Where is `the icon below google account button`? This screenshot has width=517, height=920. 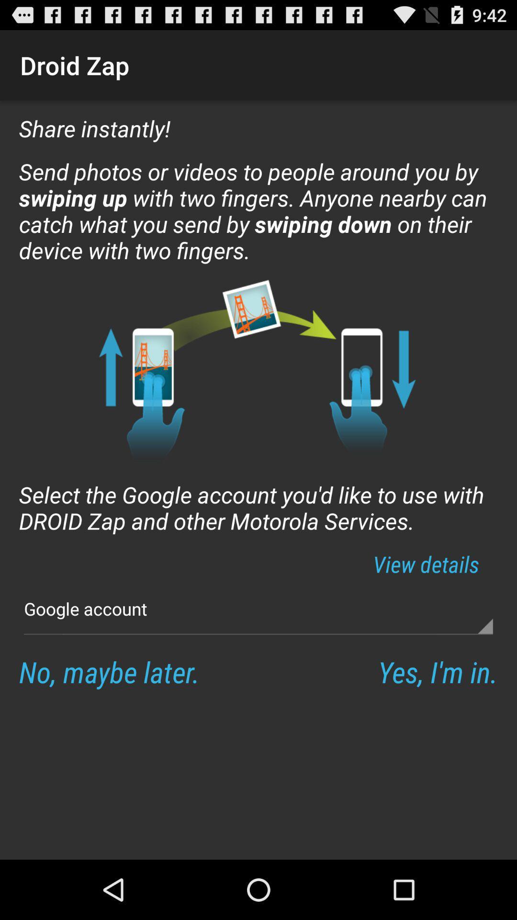
the icon below google account button is located at coordinates (109, 671).